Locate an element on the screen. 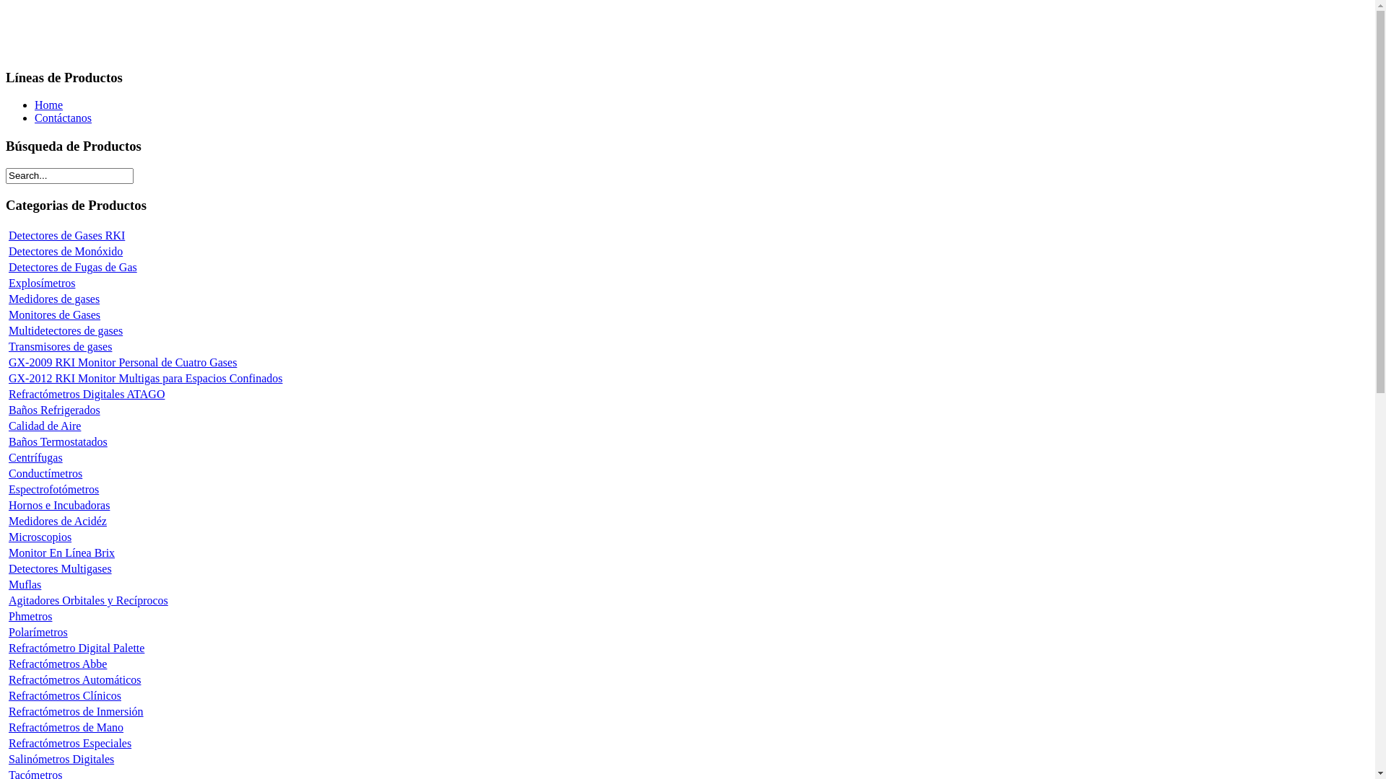  'GX-2009 RKI Monitor Personal de Cuatro Gases' is located at coordinates (122, 361).